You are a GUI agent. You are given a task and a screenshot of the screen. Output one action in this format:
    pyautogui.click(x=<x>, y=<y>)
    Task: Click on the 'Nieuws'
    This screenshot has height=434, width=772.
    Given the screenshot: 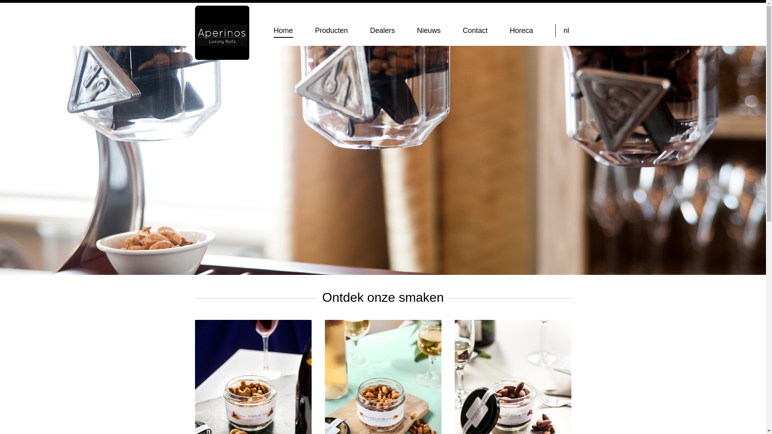 What is the action you would take?
    pyautogui.click(x=428, y=30)
    